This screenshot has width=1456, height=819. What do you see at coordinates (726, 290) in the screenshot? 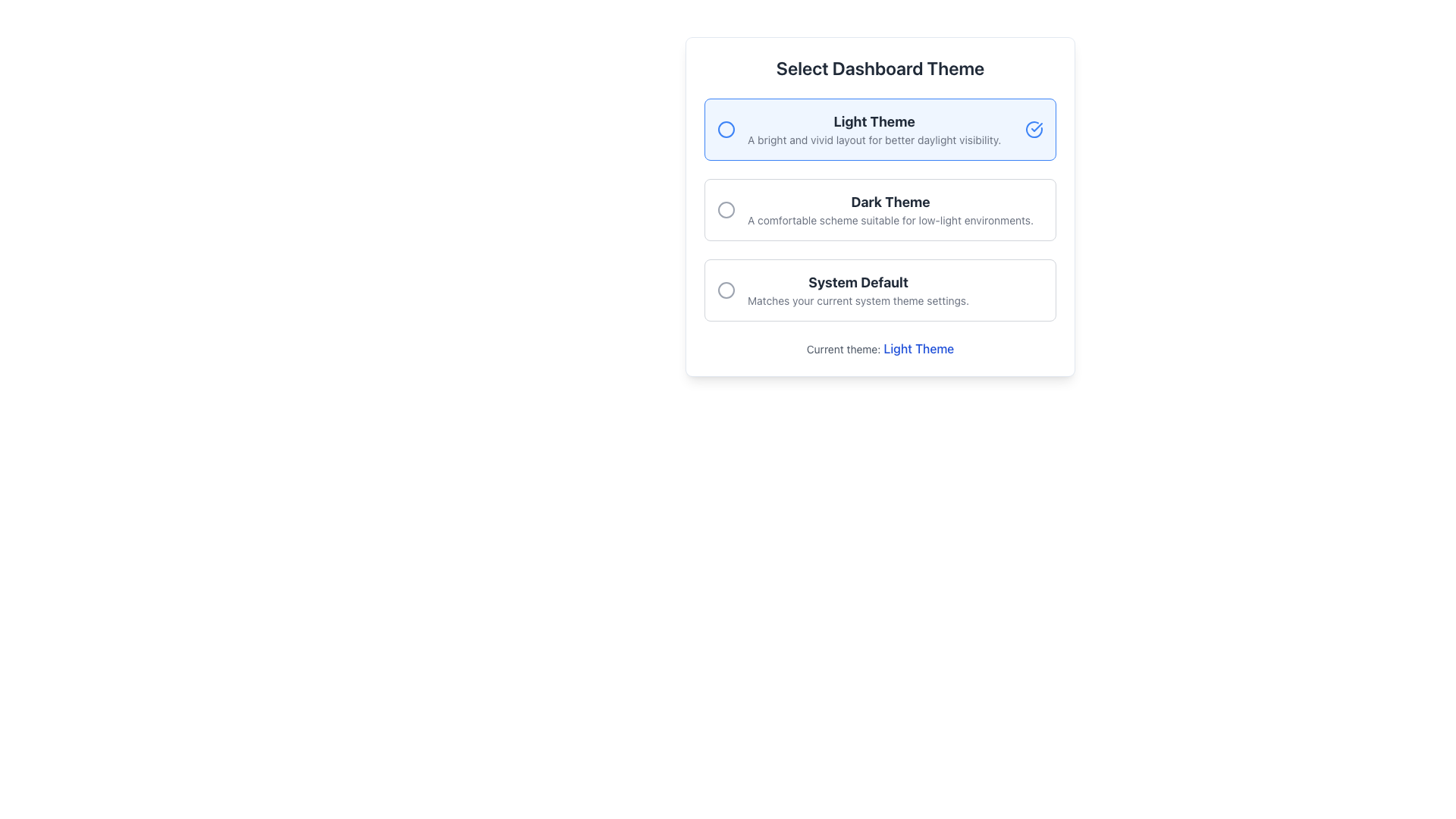
I see `the gray circular outline radio button icon positioned beside the 'System Default' text in the third option of the 'Select Dashboard Theme' interface` at bounding box center [726, 290].